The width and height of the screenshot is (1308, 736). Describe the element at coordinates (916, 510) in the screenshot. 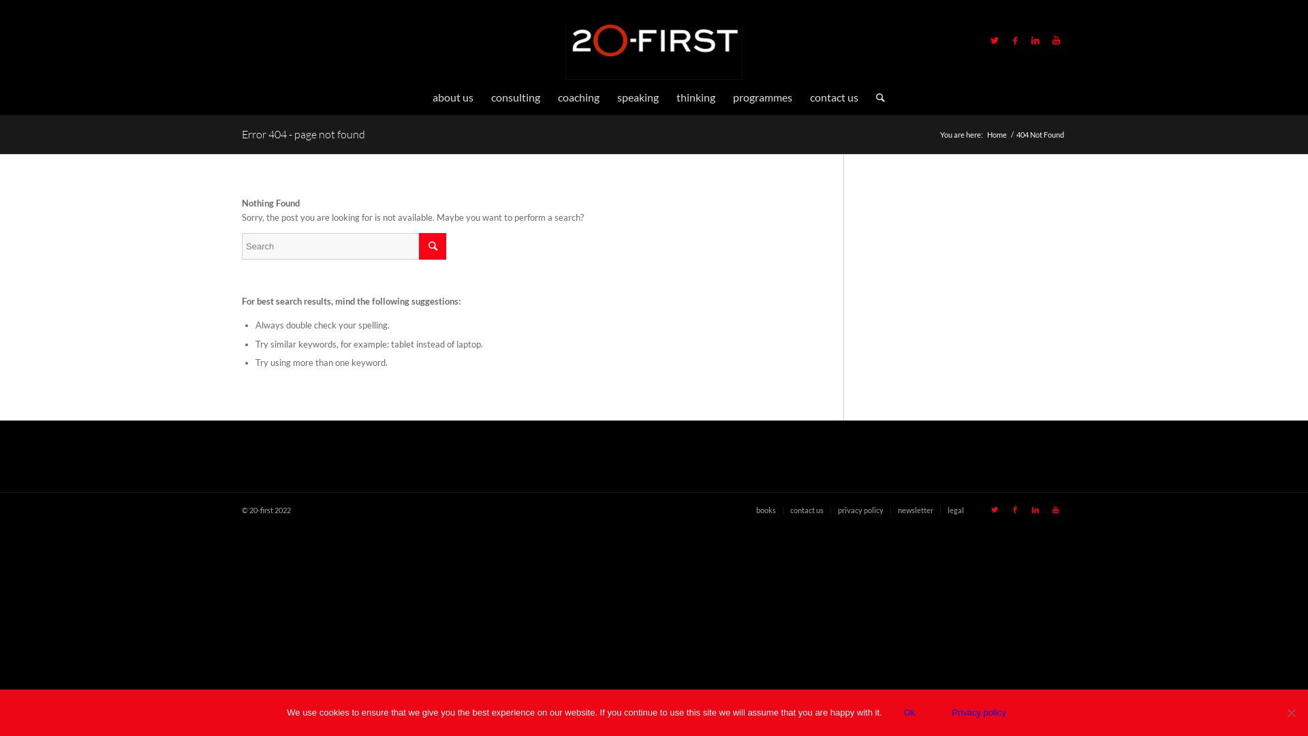

I see `'newsletter'` at that location.